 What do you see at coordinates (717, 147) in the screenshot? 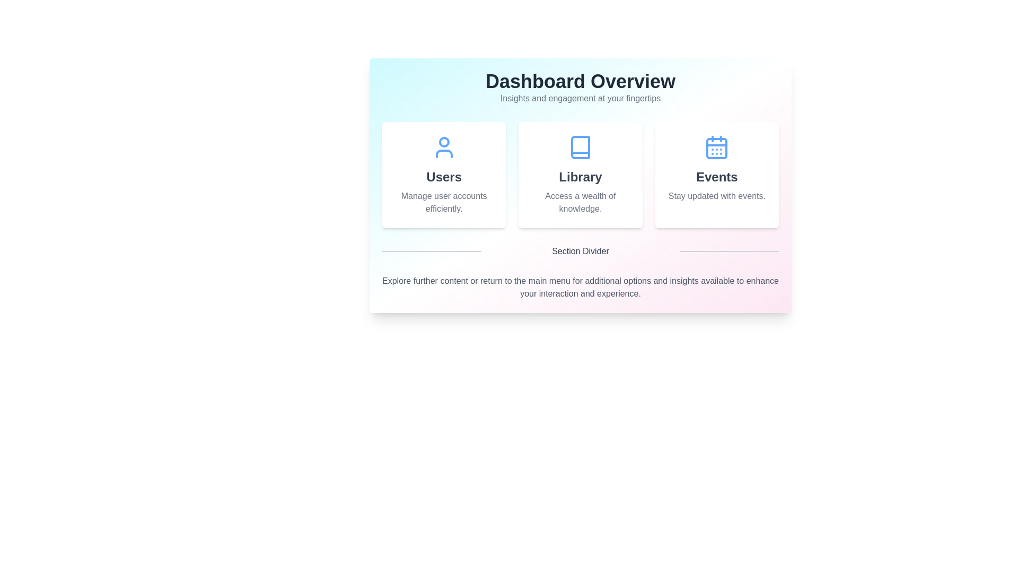
I see `the blue calendar icon in the 'Events' section` at bounding box center [717, 147].